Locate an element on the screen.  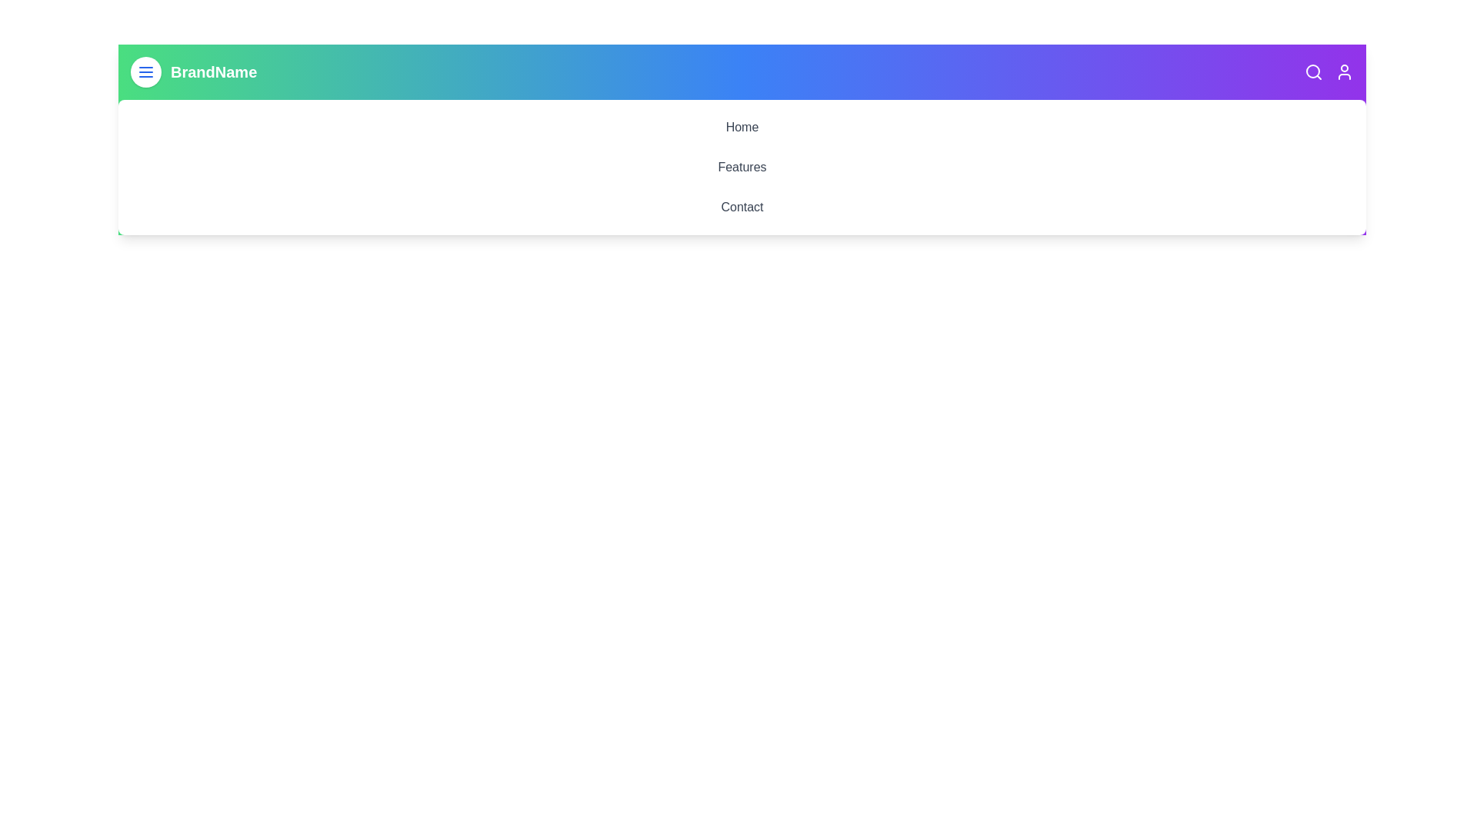
the 'Home' menu item is located at coordinates (742, 126).